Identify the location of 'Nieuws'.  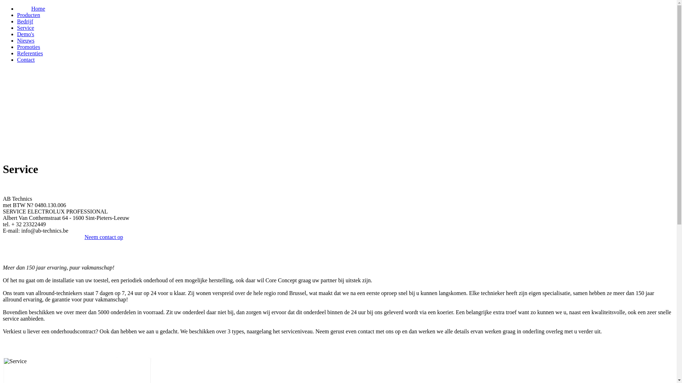
(26, 40).